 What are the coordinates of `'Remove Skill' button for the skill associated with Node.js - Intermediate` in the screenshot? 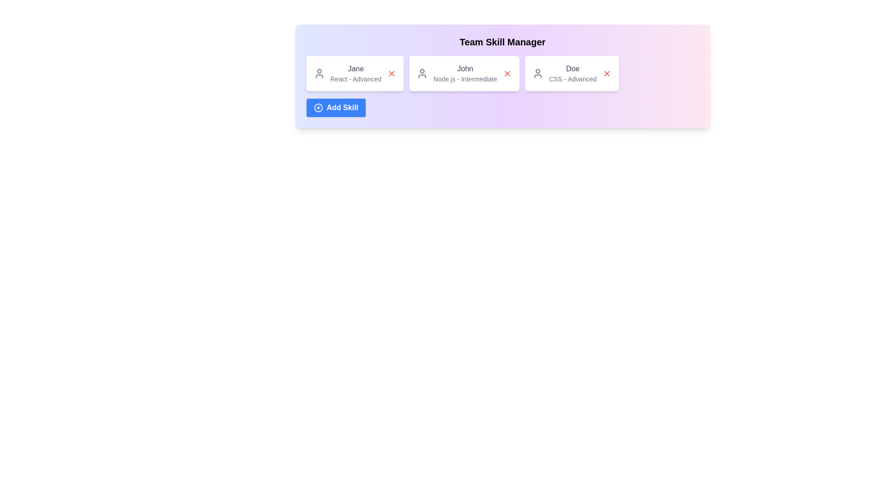 It's located at (507, 73).